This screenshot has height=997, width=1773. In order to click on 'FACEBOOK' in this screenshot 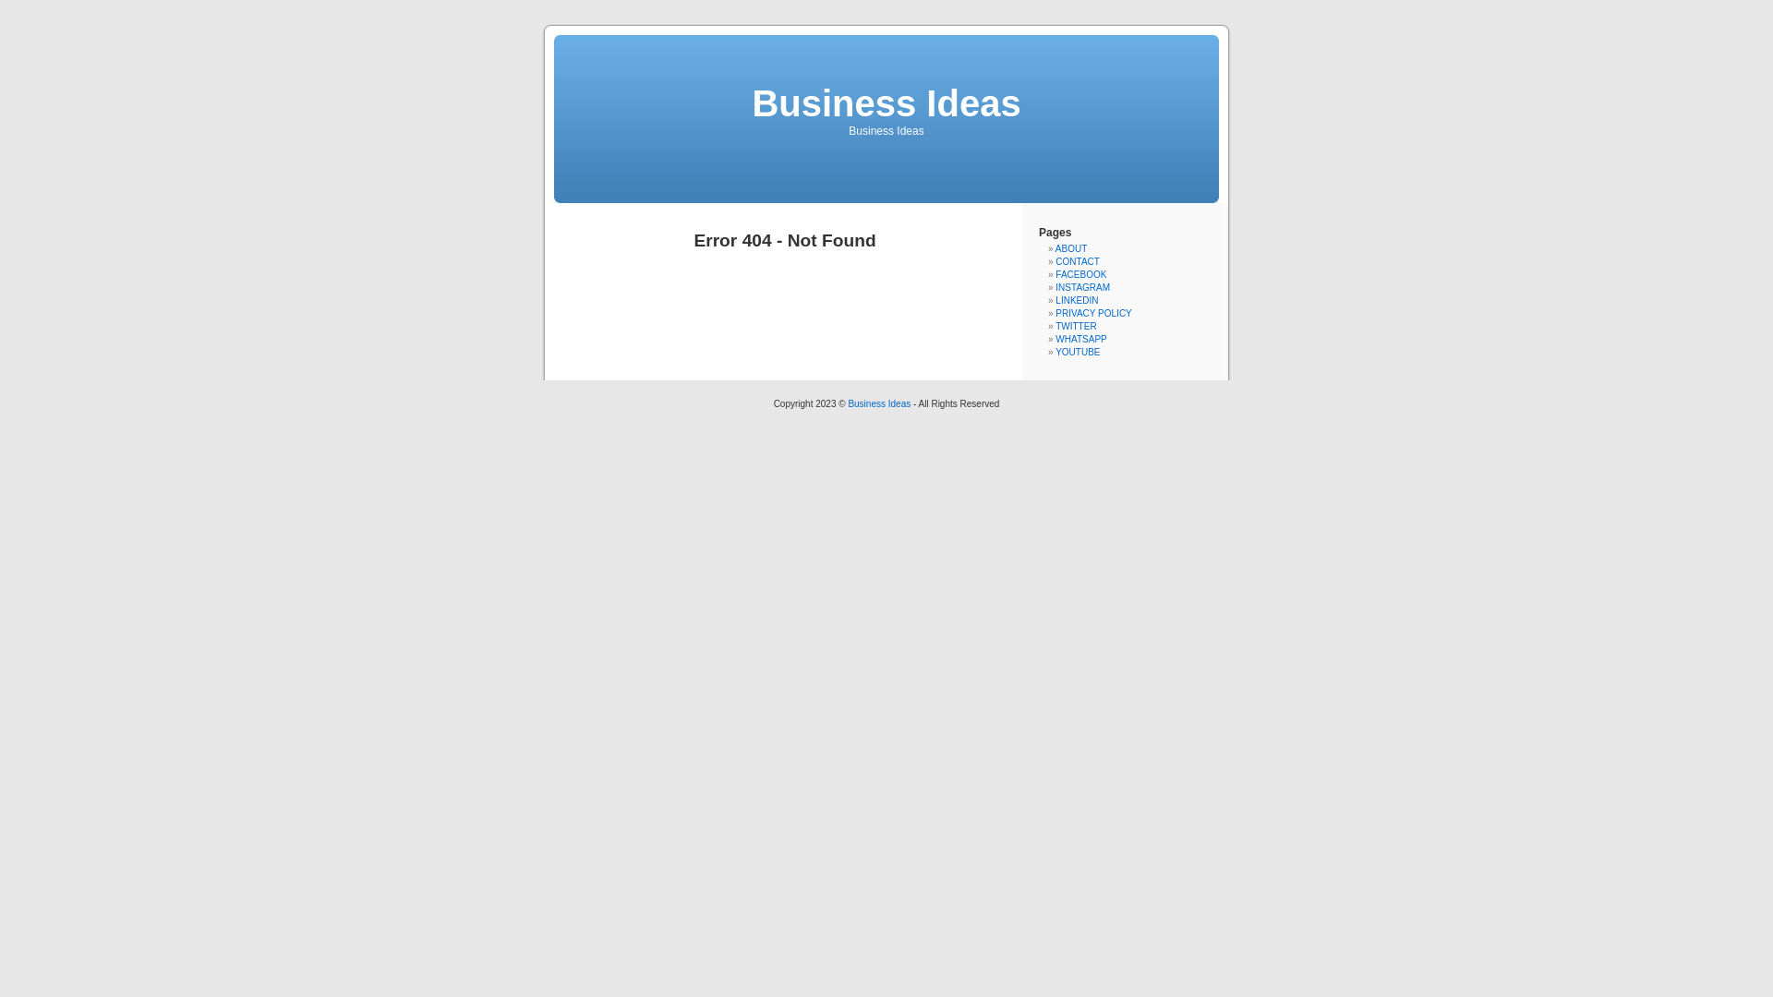, I will do `click(1080, 274)`.